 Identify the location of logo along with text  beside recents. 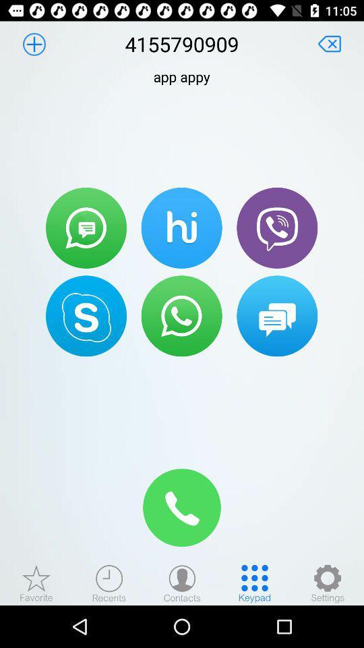
(36, 583).